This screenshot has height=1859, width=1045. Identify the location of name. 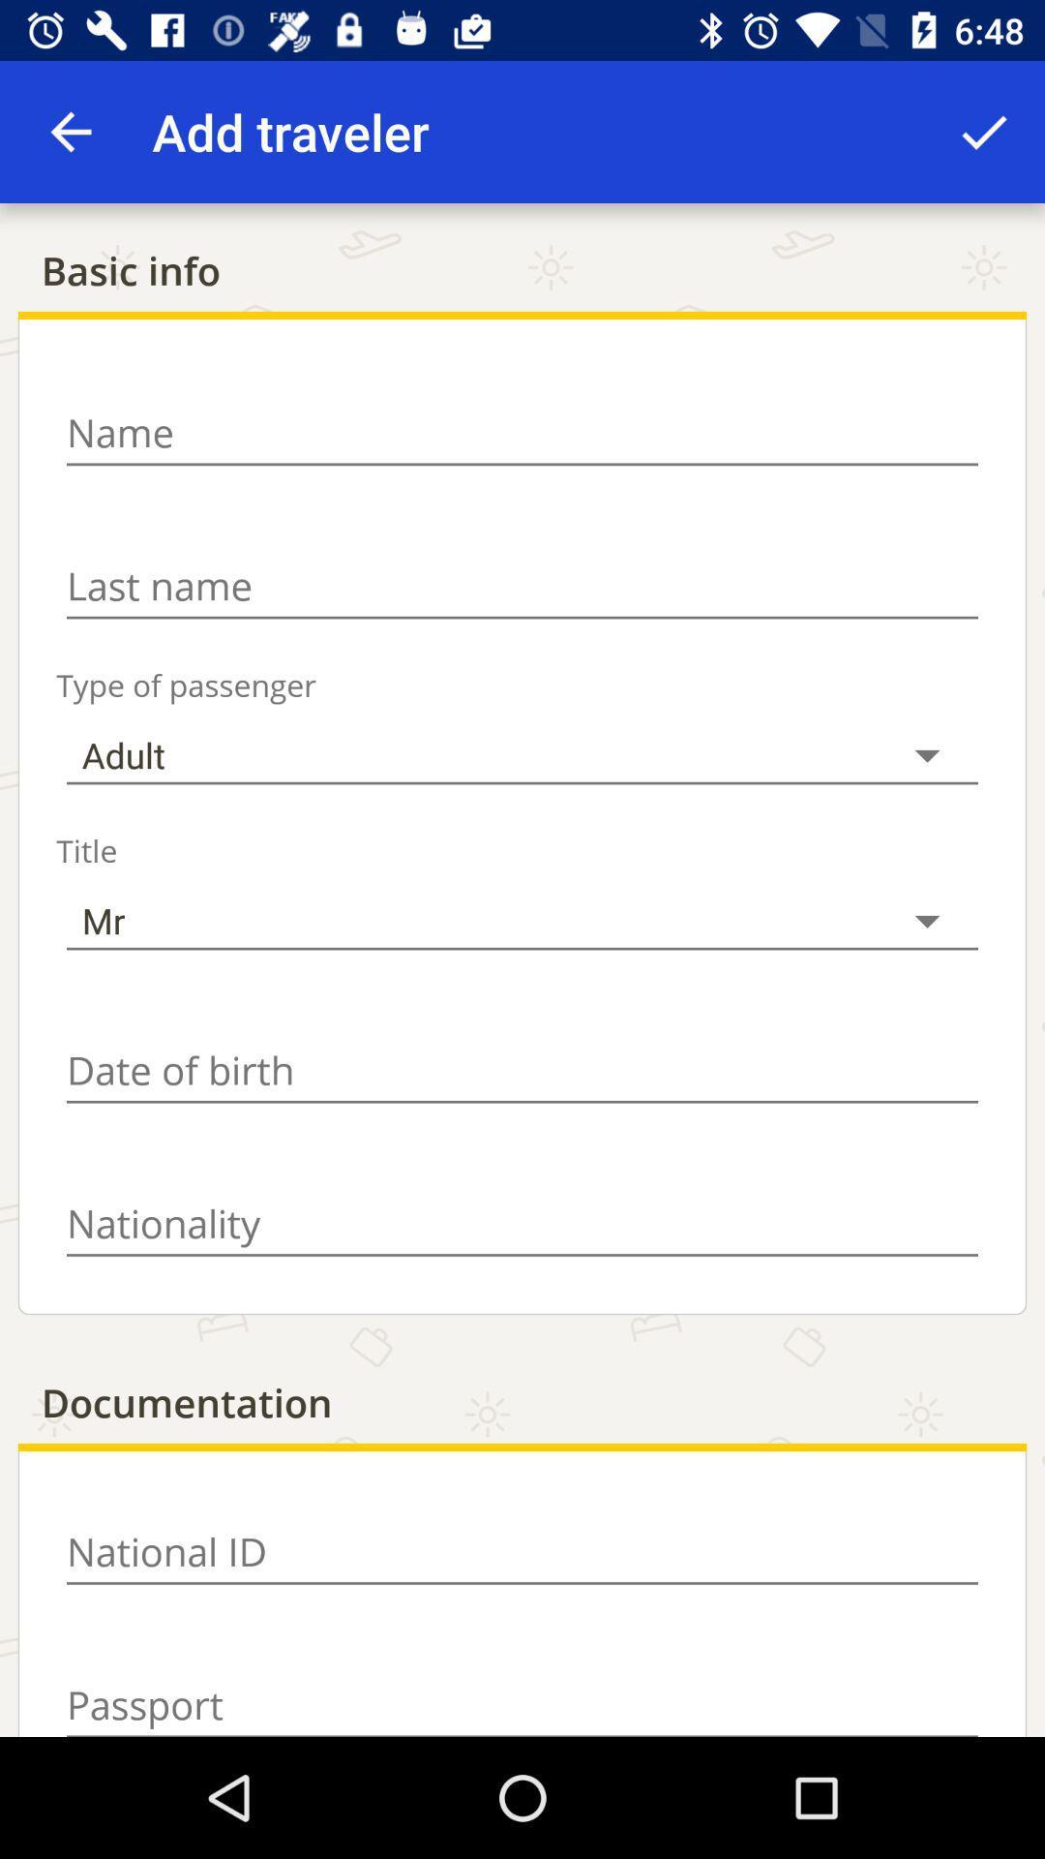
(522, 432).